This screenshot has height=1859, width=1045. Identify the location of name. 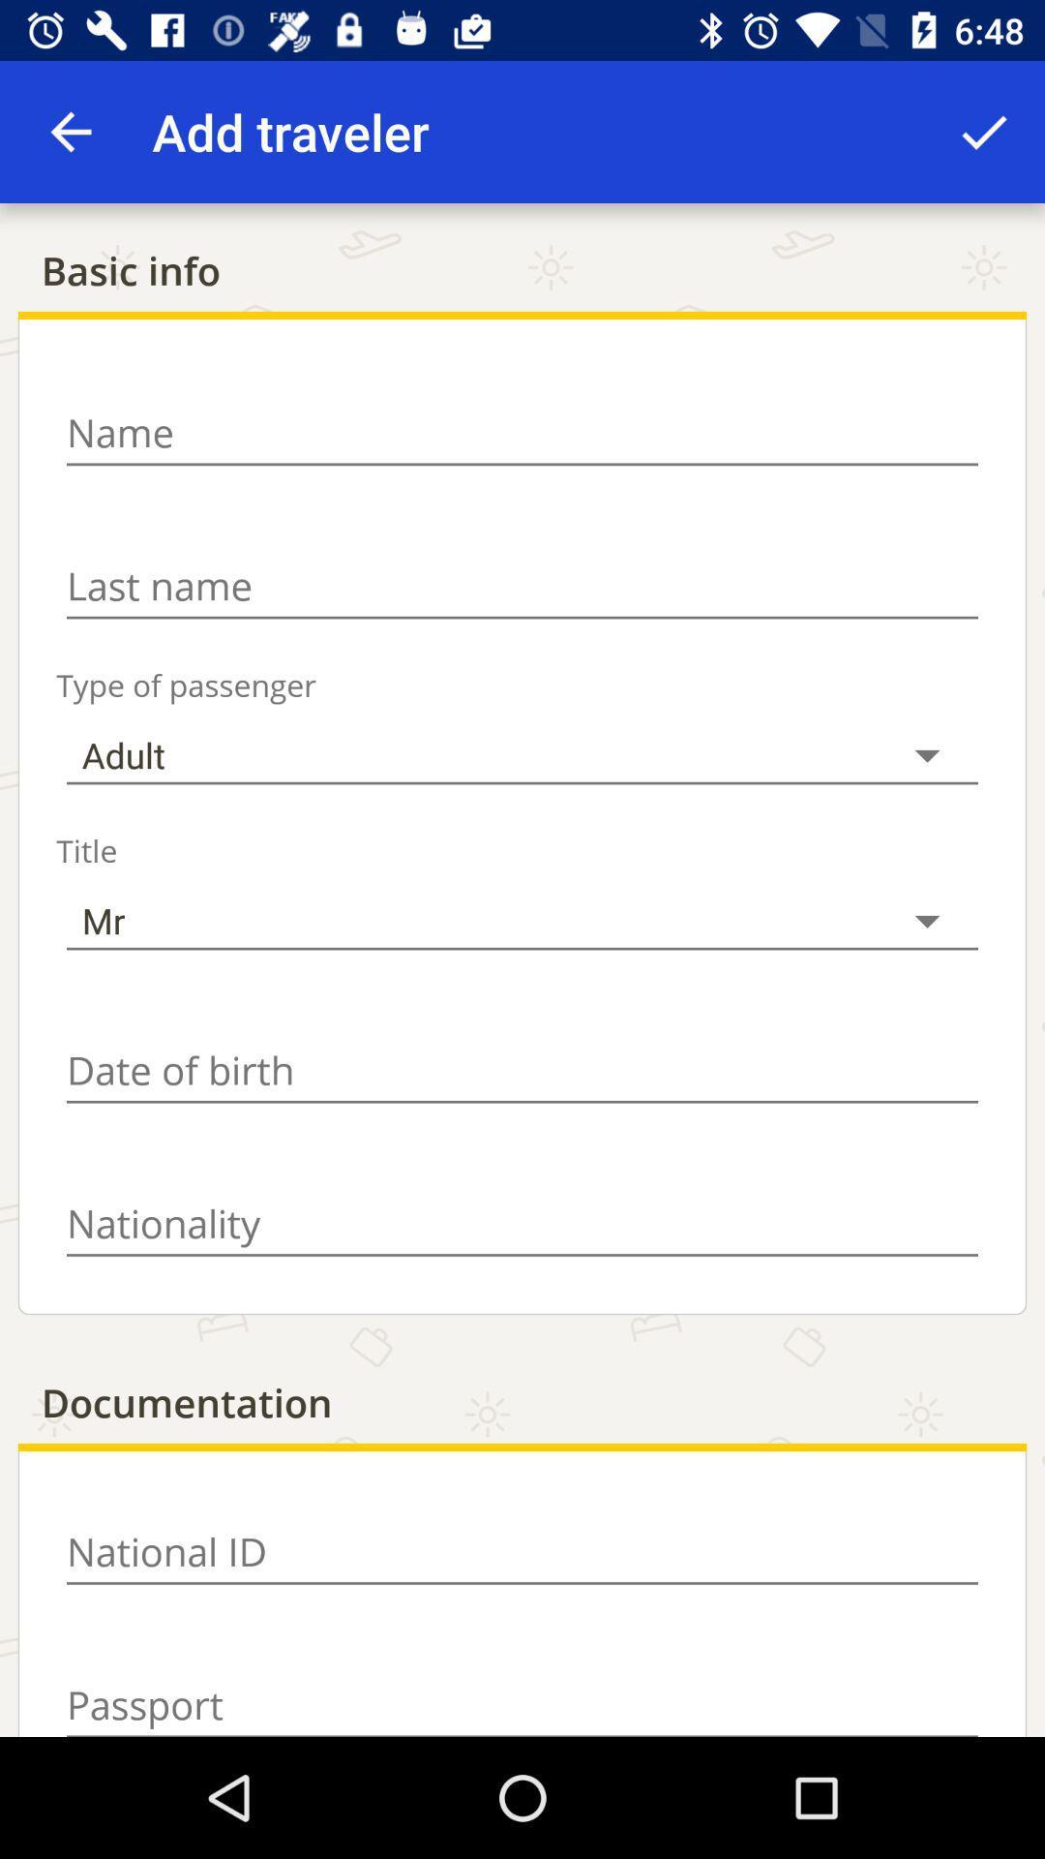
(522, 432).